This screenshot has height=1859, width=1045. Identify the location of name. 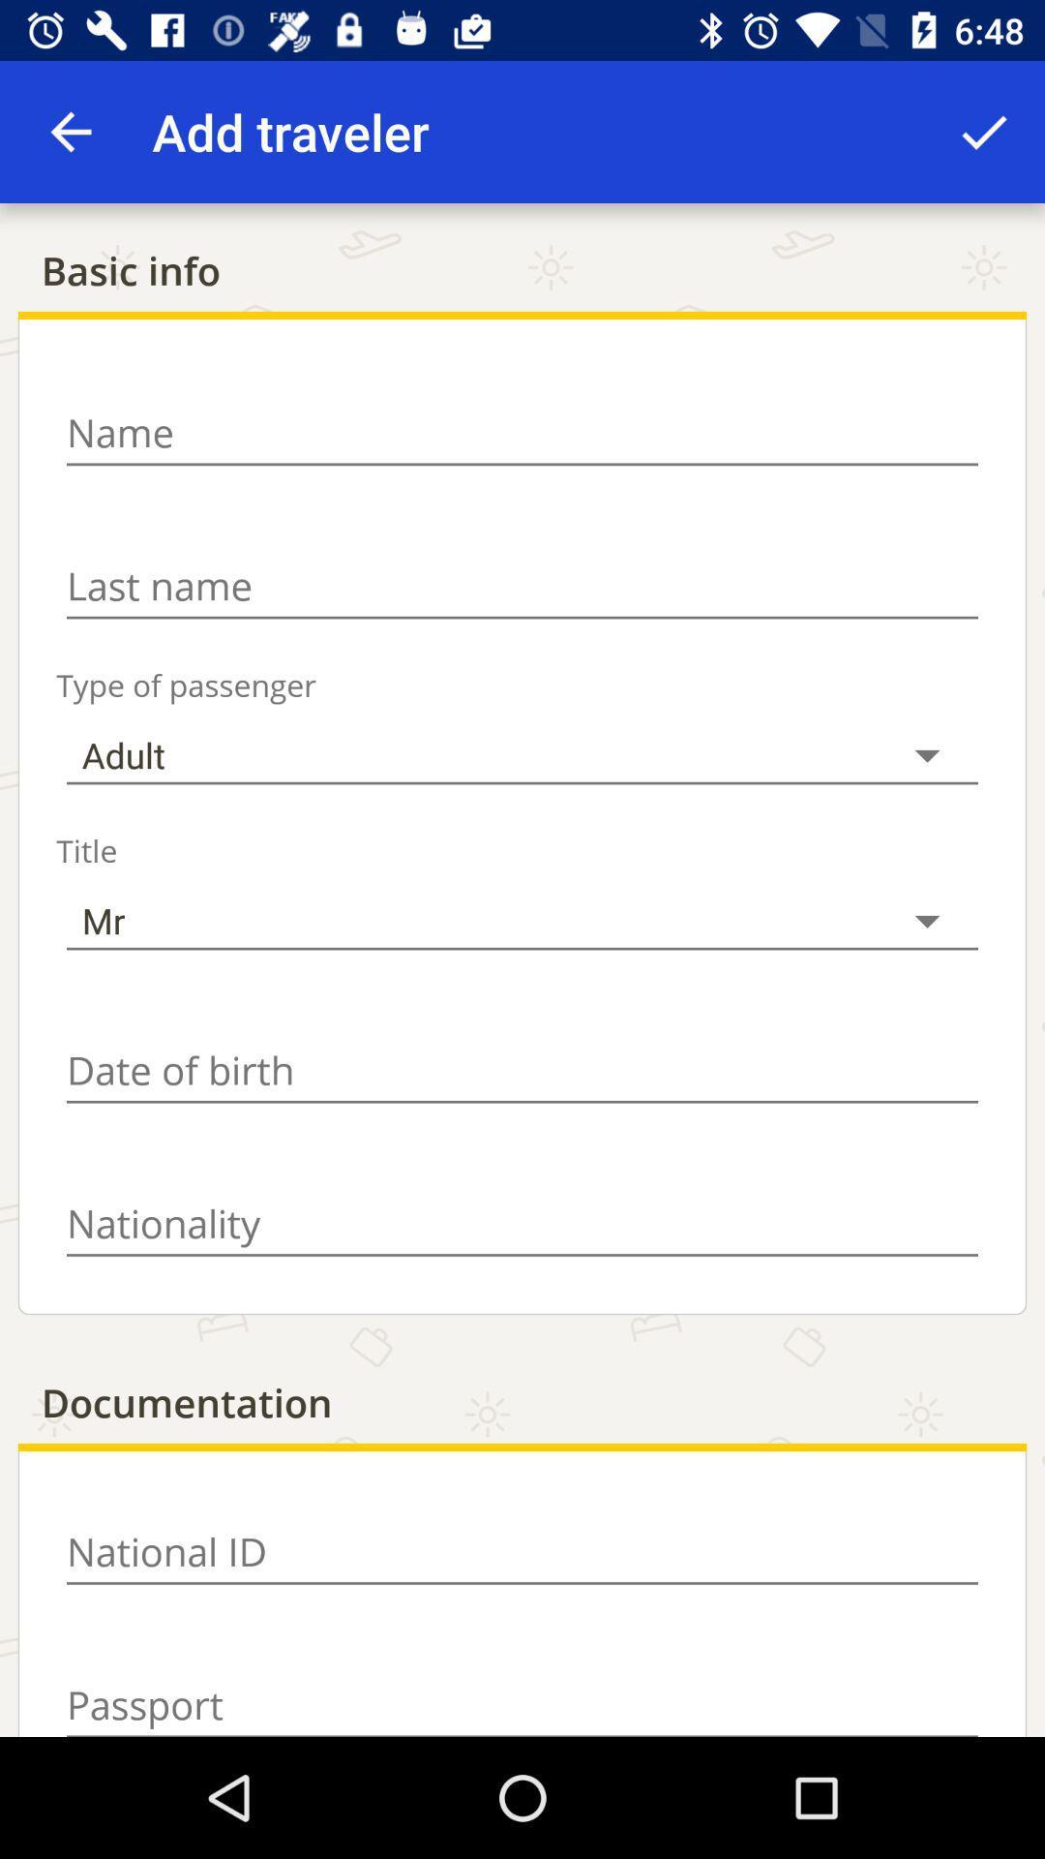
(522, 432).